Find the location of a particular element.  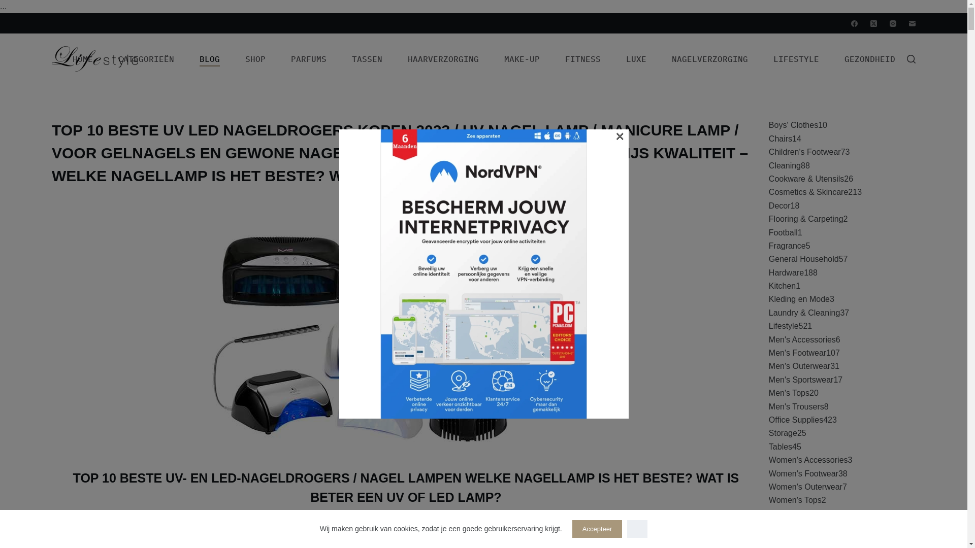

'Men's Trousers' is located at coordinates (796, 406).